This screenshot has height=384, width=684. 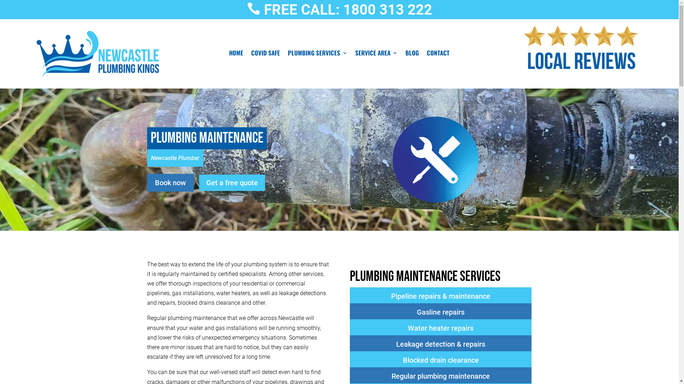 I want to click on 'Newcastle Plumbing Kings', so click(x=97, y=53).